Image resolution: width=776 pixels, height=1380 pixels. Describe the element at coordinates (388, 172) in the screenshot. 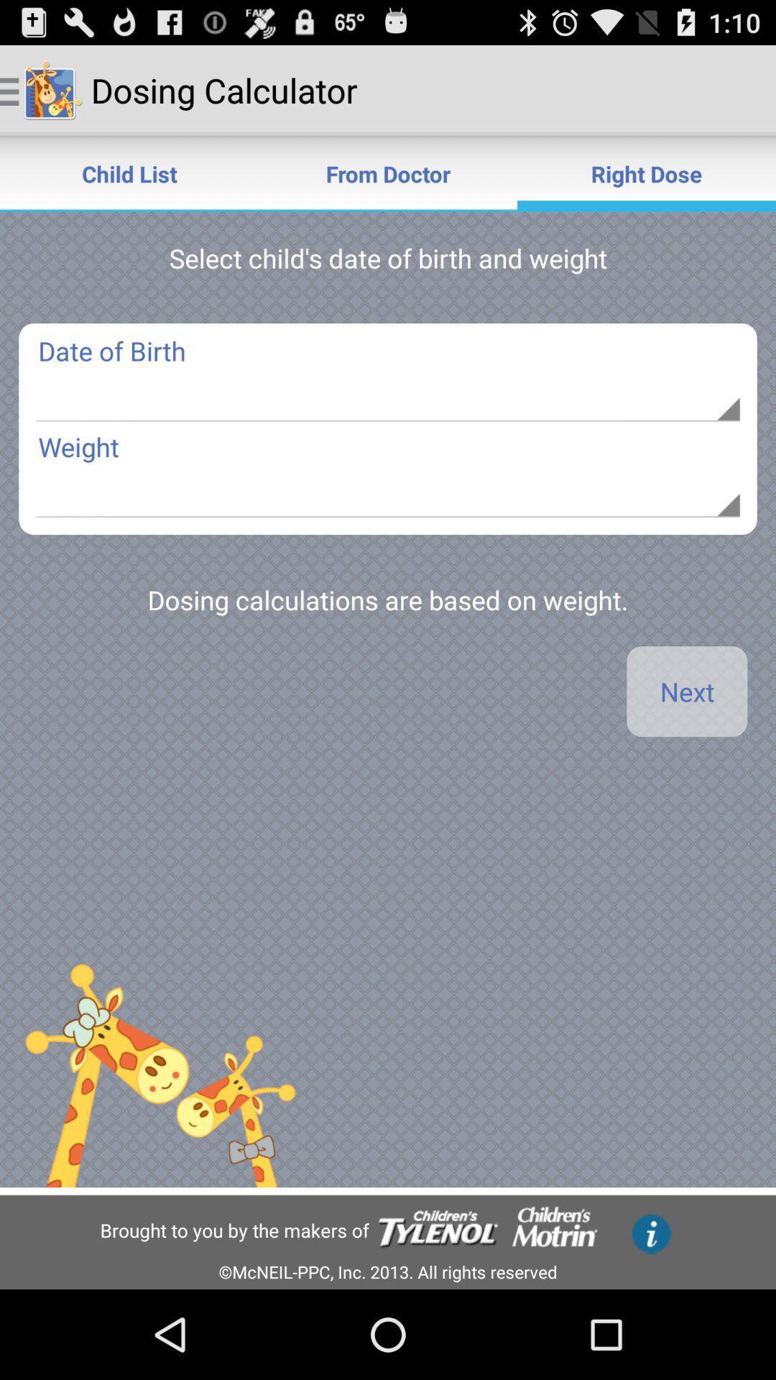

I see `from doctor` at that location.